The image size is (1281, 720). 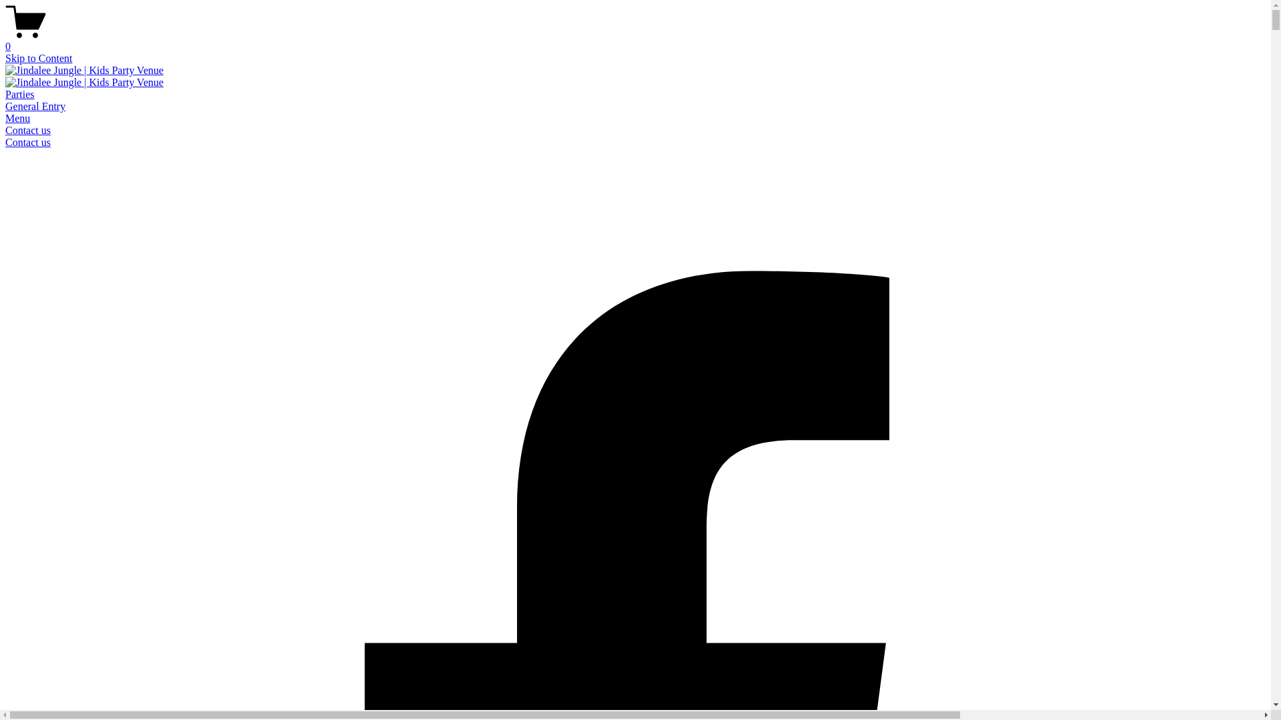 What do you see at coordinates (35, 105) in the screenshot?
I see `'General Entry'` at bounding box center [35, 105].